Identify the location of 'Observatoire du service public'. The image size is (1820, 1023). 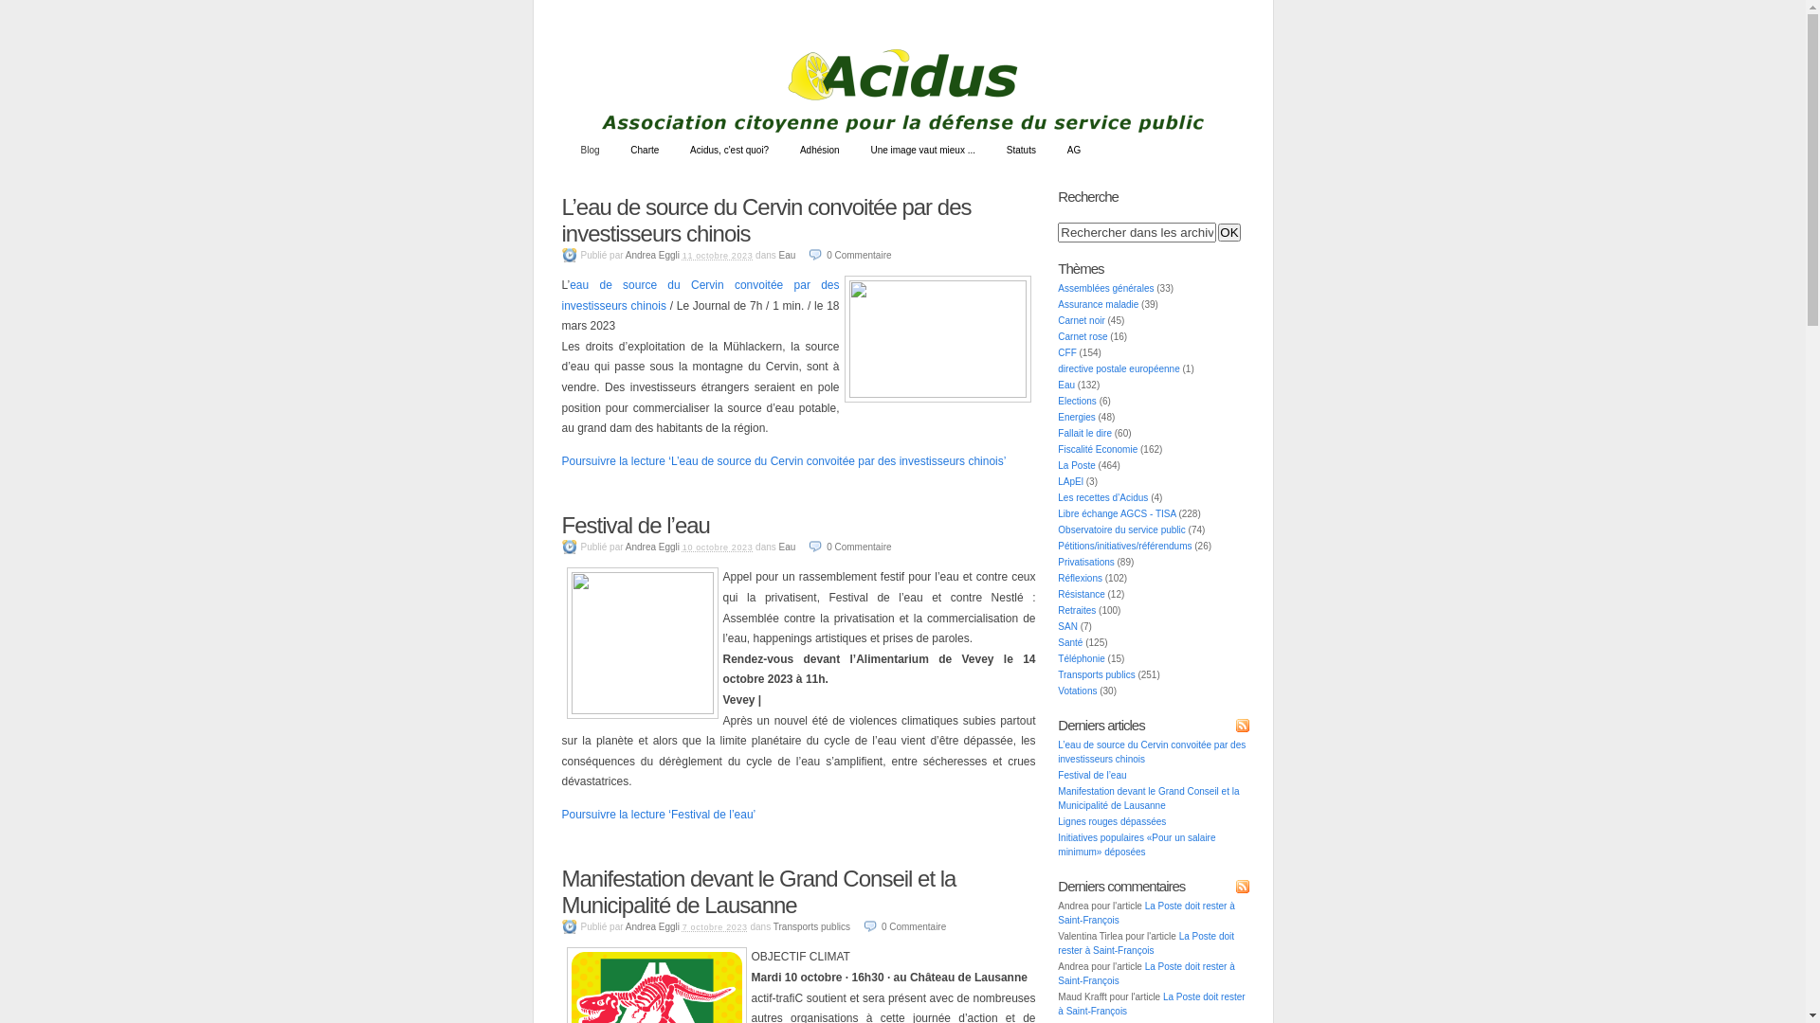
(1121, 529).